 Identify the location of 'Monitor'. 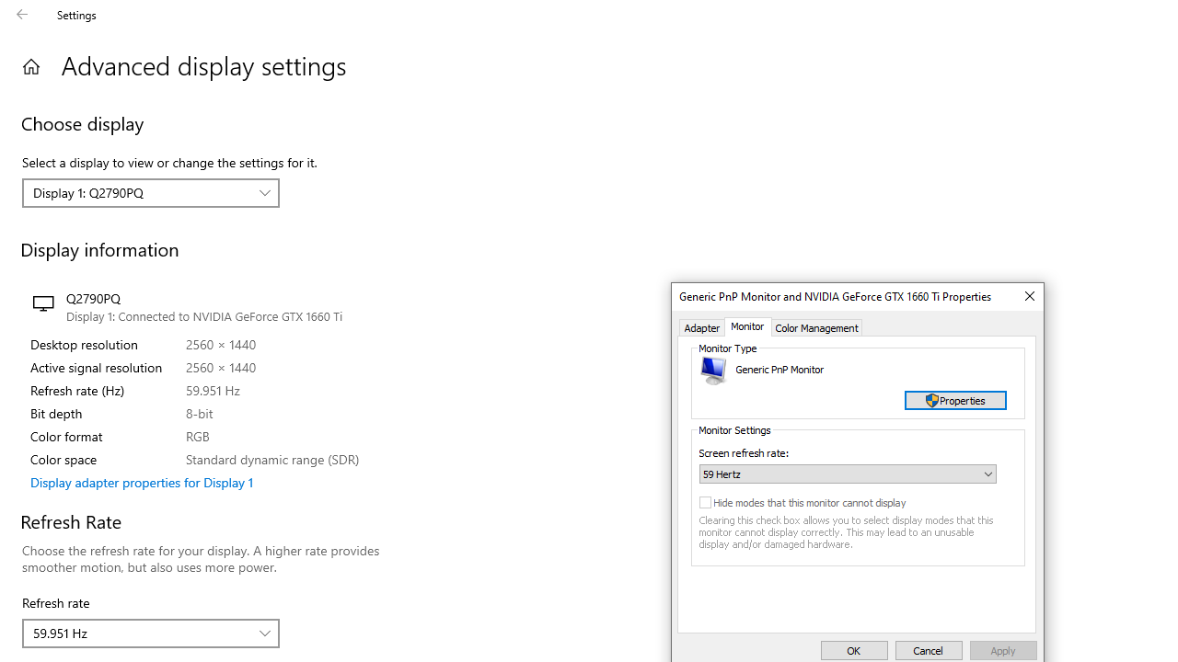
(747, 326).